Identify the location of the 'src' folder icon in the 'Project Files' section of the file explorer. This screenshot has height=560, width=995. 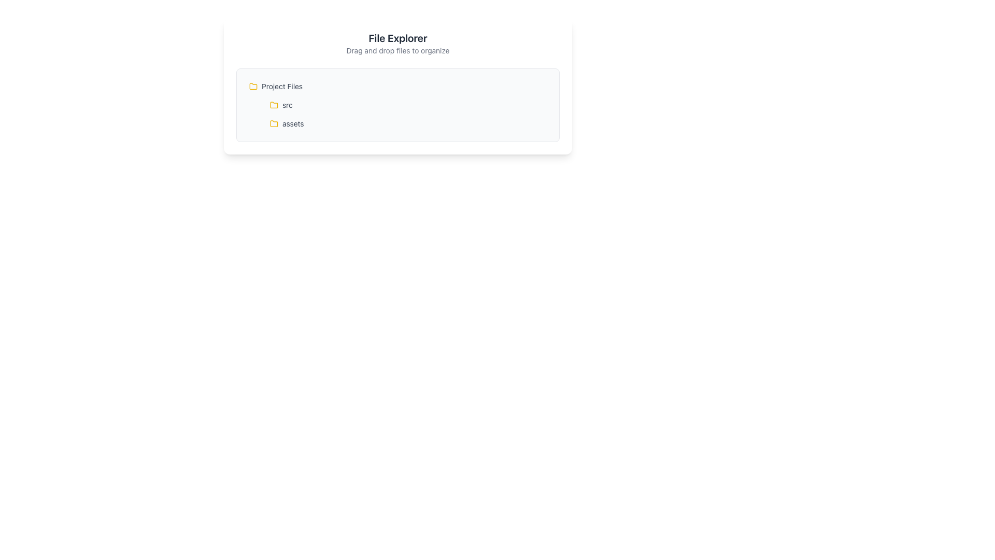
(274, 104).